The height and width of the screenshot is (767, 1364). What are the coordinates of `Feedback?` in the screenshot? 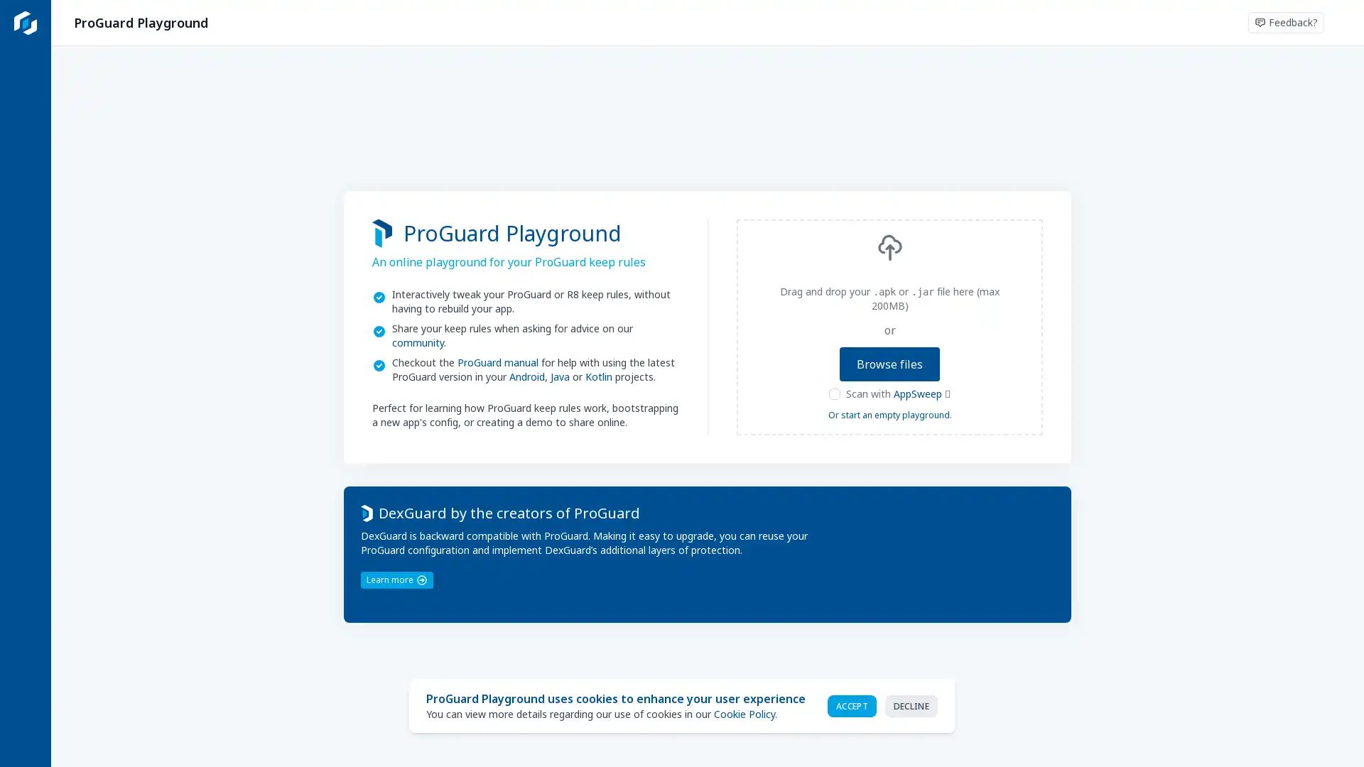 It's located at (1286, 22).